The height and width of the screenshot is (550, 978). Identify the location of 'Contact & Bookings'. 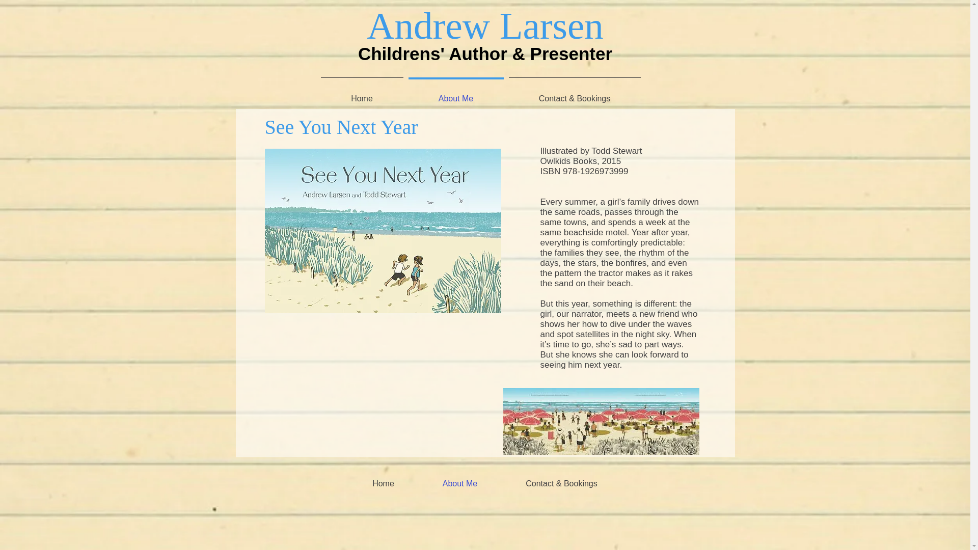
(575, 94).